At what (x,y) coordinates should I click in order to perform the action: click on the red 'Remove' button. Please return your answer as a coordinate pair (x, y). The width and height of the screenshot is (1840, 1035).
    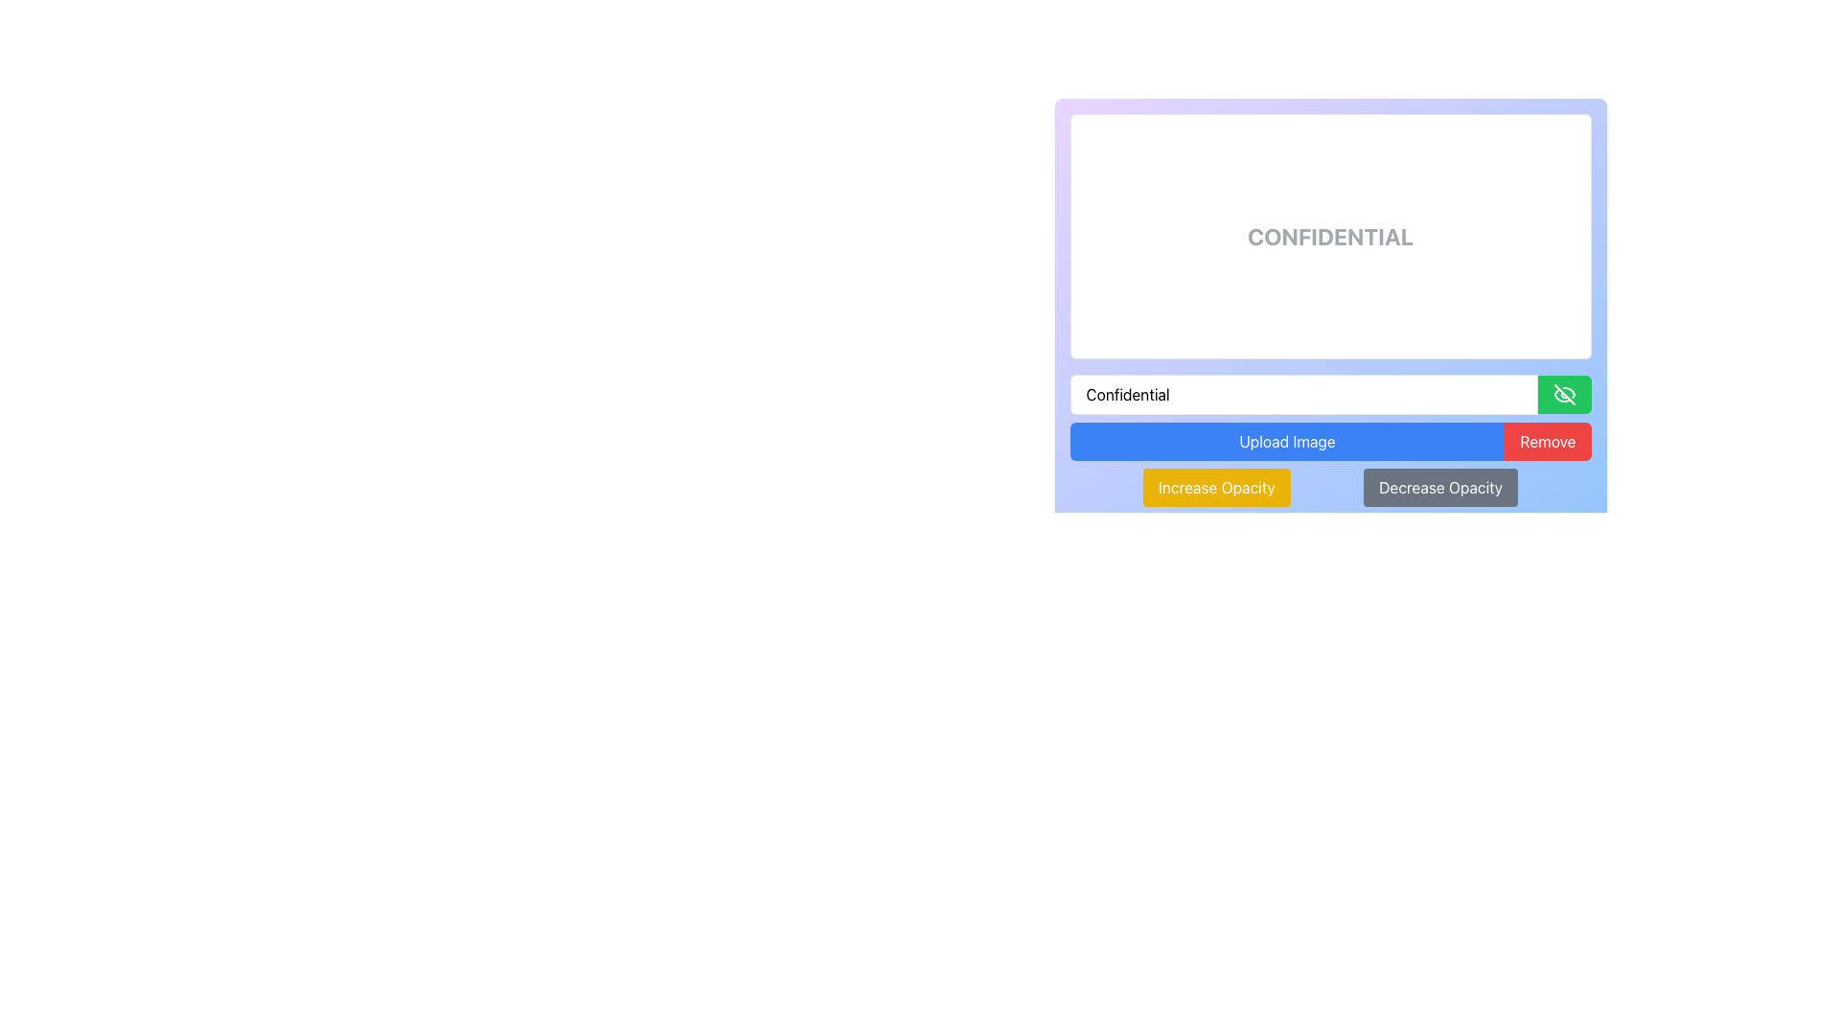
    Looking at the image, I should click on (1548, 442).